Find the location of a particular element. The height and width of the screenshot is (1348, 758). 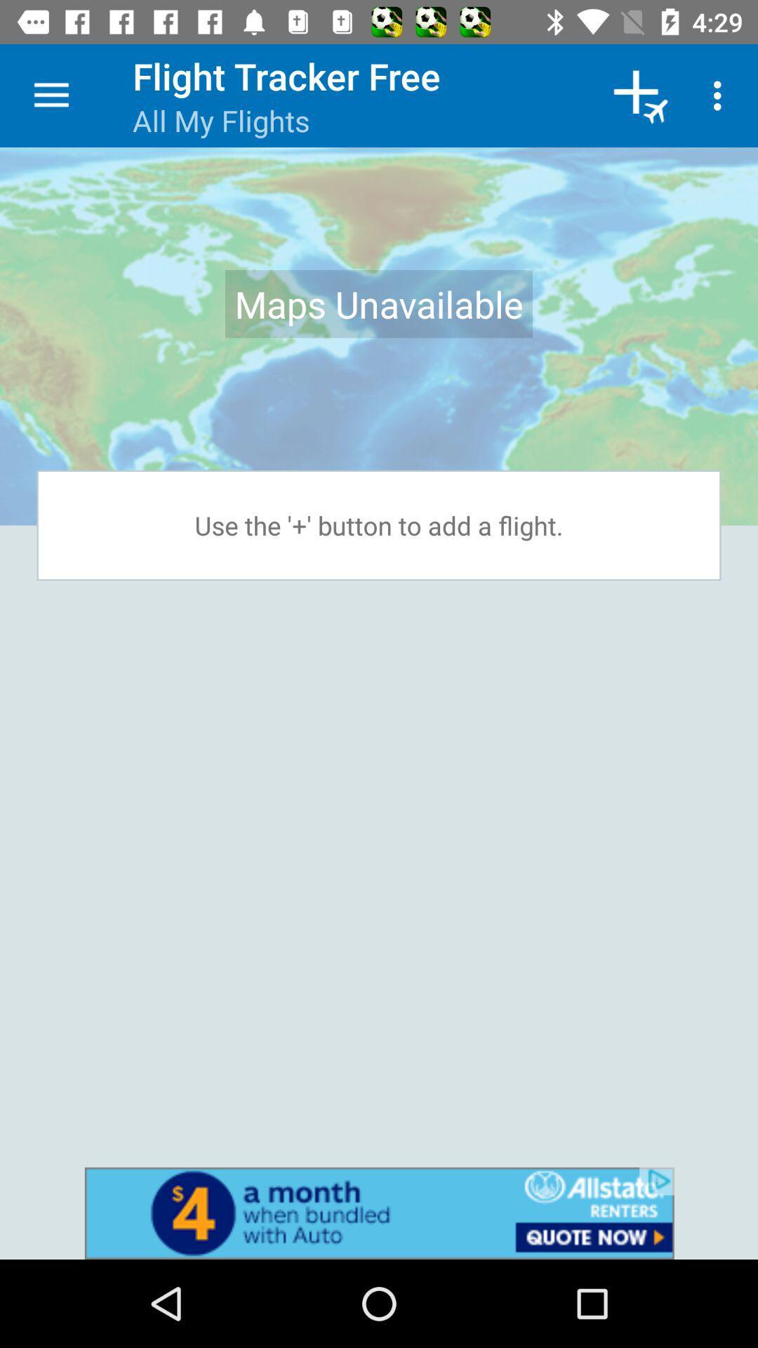

launch advertisement link is located at coordinates (379, 1212).